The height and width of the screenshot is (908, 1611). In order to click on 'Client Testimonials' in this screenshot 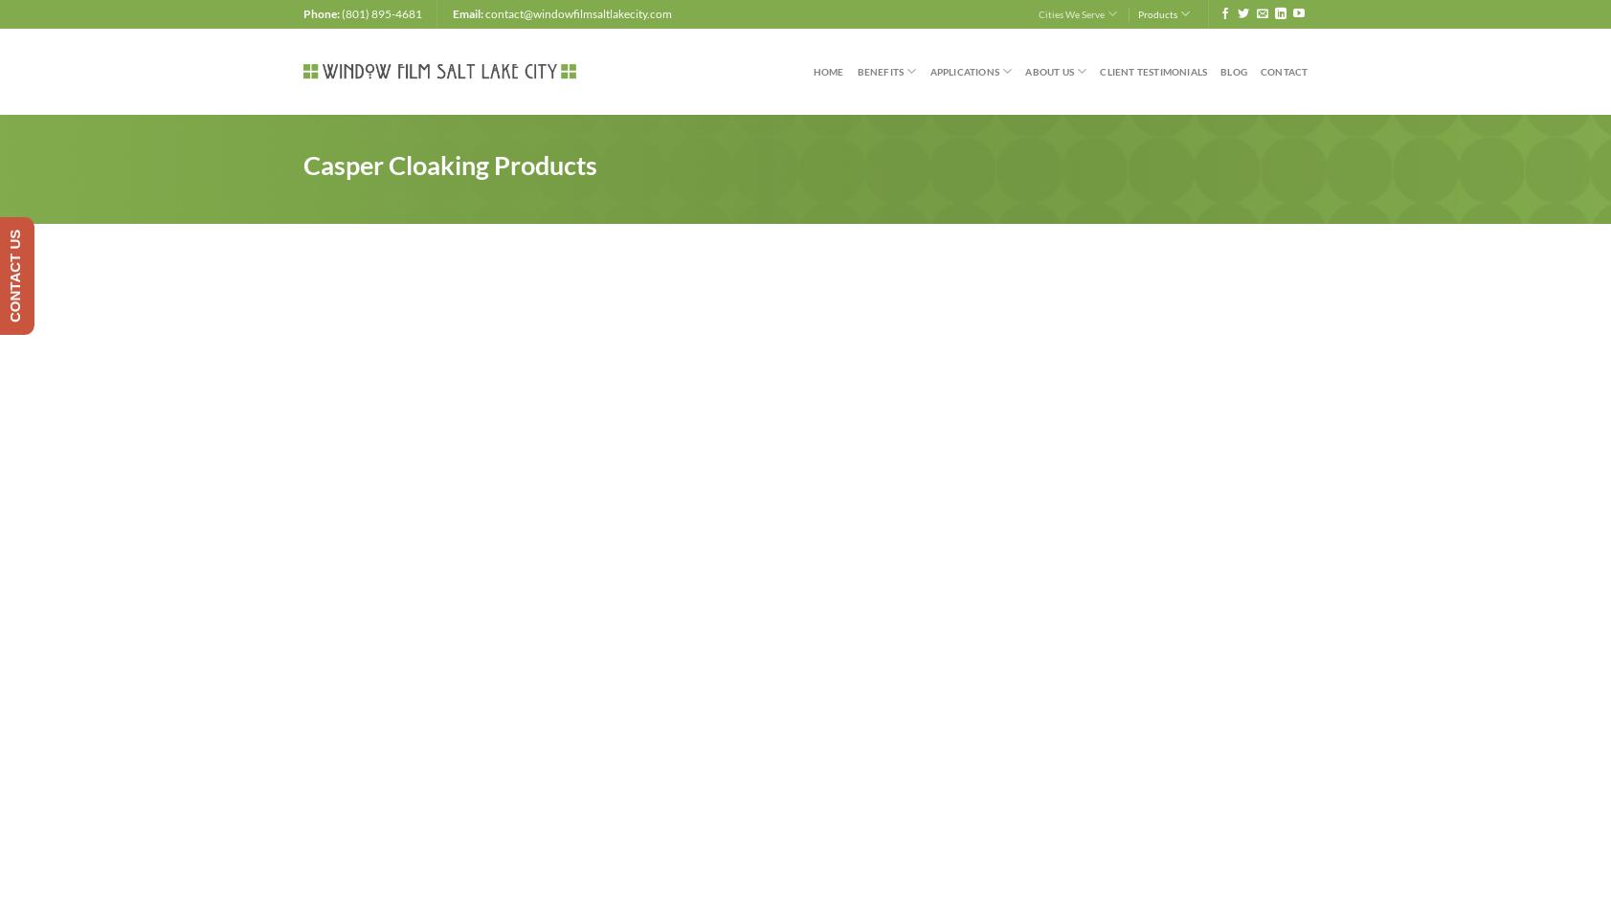, I will do `click(1152, 71)`.